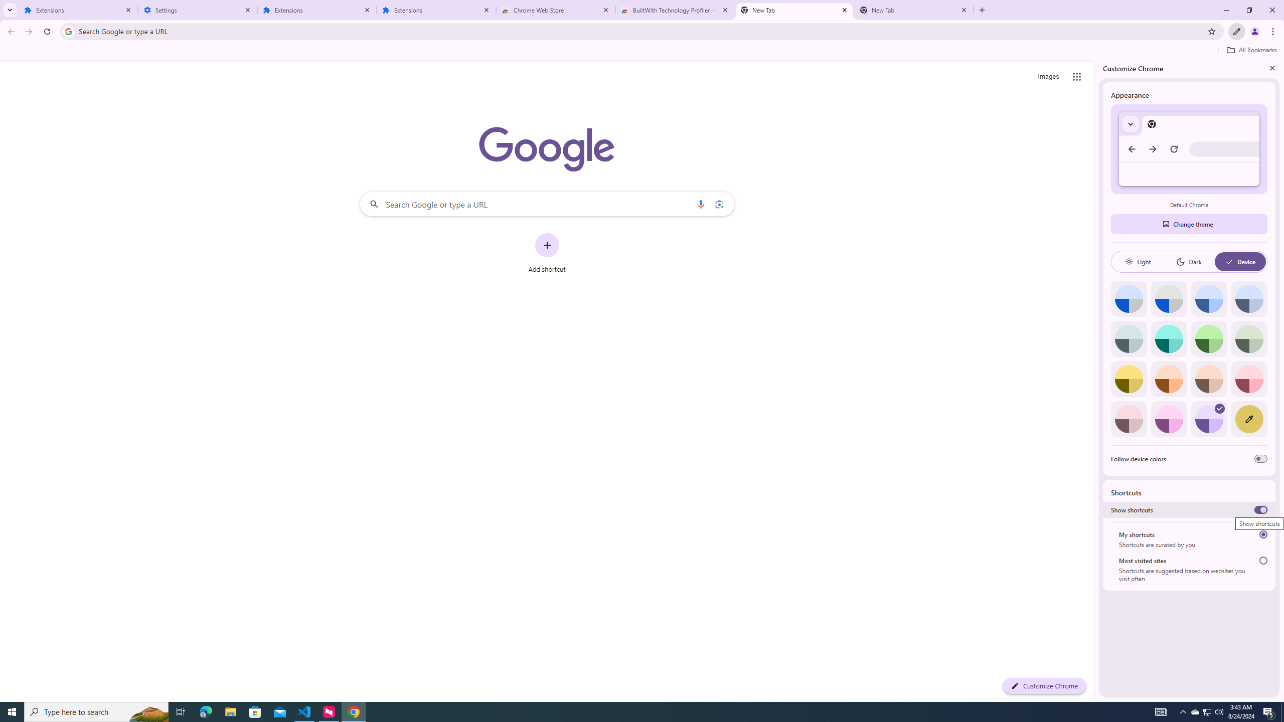 The width and height of the screenshot is (1284, 722). Describe the element at coordinates (1273, 31) in the screenshot. I see `'Chrome'` at that location.